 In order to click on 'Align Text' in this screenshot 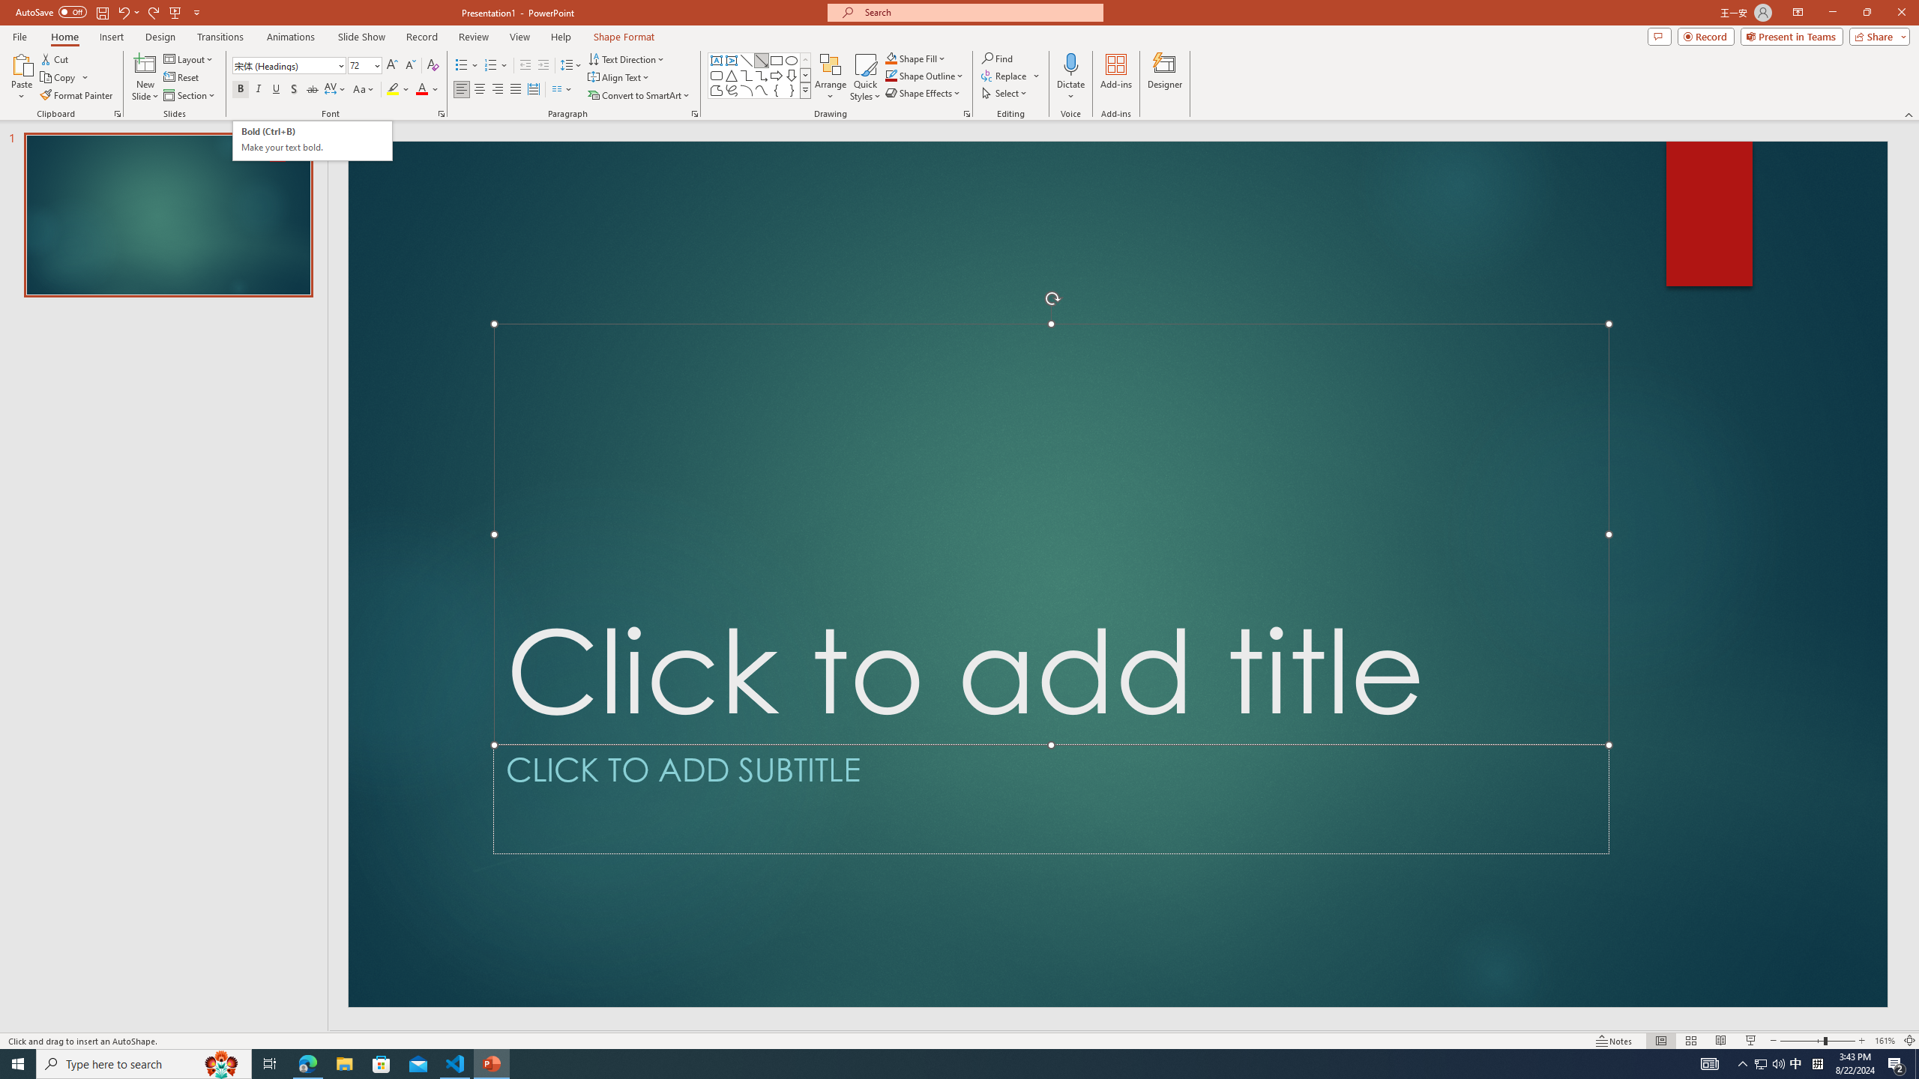, I will do `click(619, 77)`.